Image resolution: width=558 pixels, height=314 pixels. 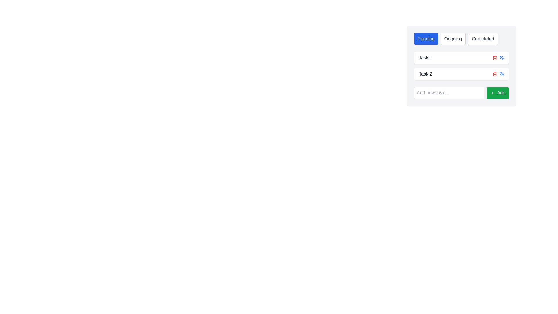 I want to click on the delete button located to the right of the second task in the task list, adjacent to a blue icon, so click(x=495, y=74).